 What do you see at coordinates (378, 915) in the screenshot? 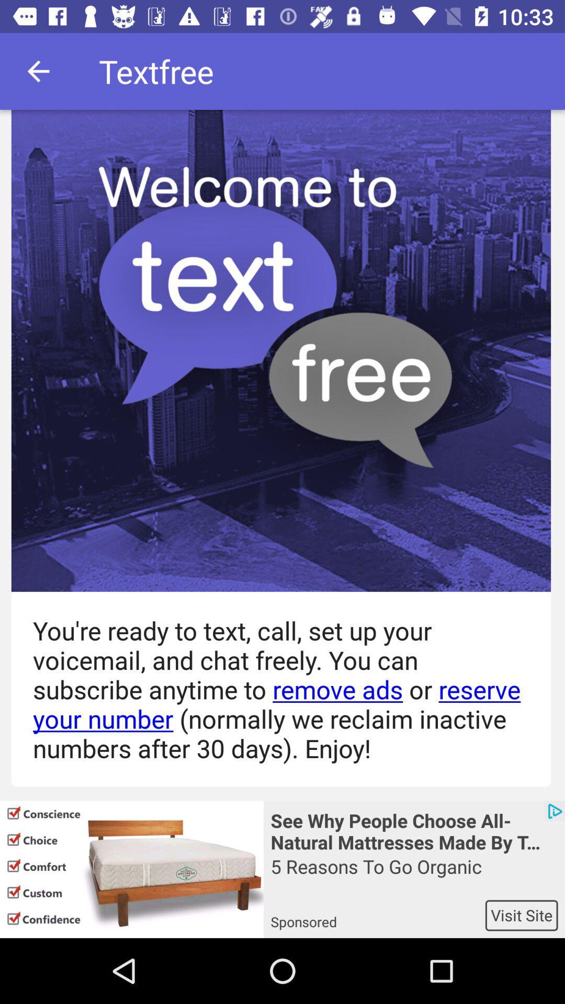
I see `icon next to the visit site icon` at bounding box center [378, 915].